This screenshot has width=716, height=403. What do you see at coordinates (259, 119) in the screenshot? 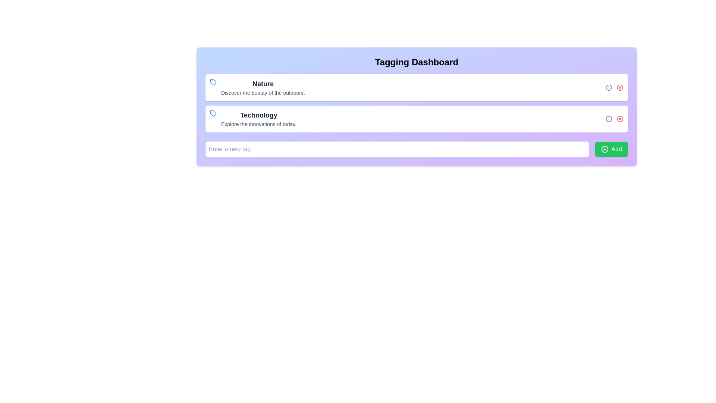
I see `the 'Technology' category label on the tagging dashboard` at bounding box center [259, 119].